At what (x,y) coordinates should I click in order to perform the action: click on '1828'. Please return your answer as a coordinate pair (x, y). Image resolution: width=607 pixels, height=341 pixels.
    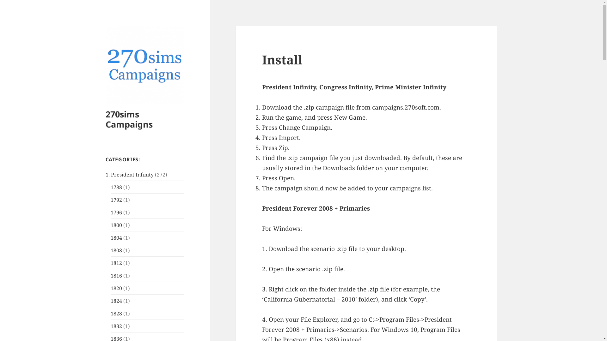
    Looking at the image, I should click on (116, 313).